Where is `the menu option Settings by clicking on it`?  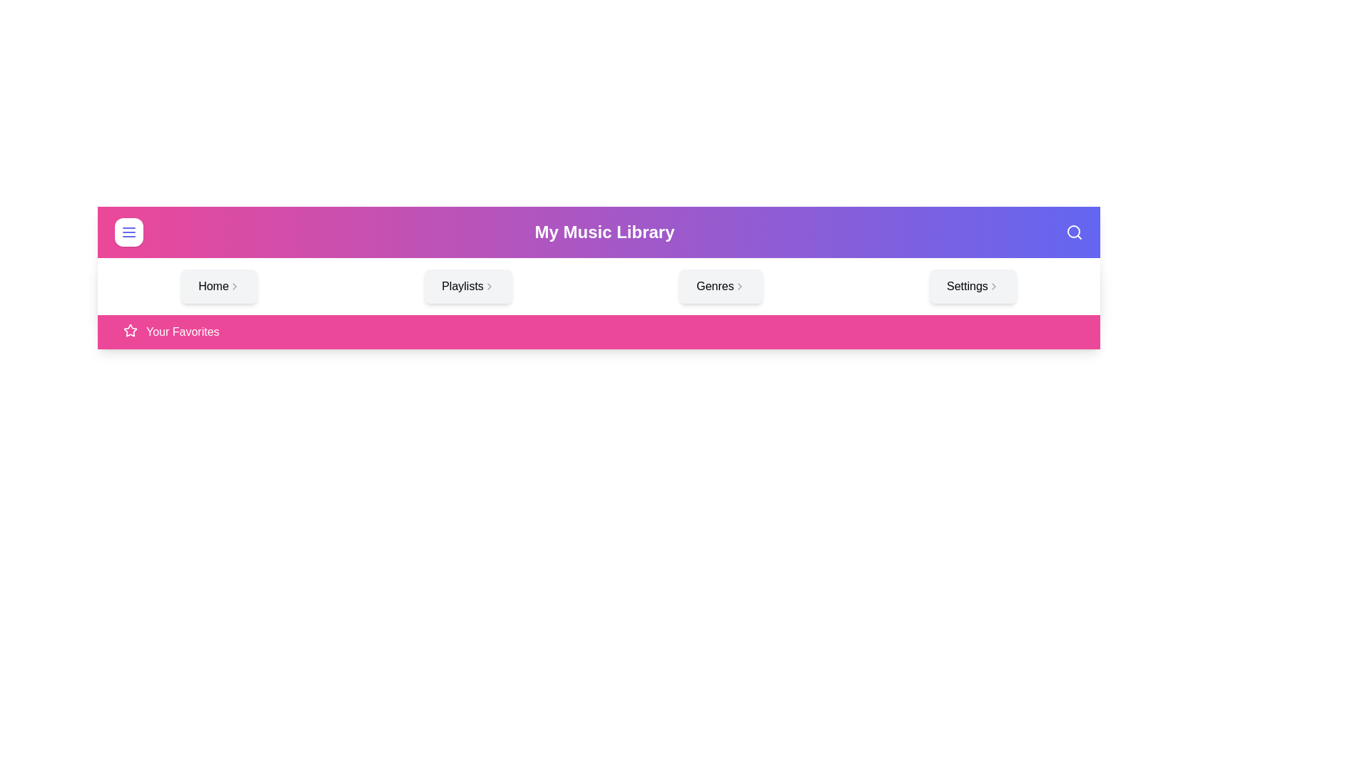
the menu option Settings by clicking on it is located at coordinates (972, 286).